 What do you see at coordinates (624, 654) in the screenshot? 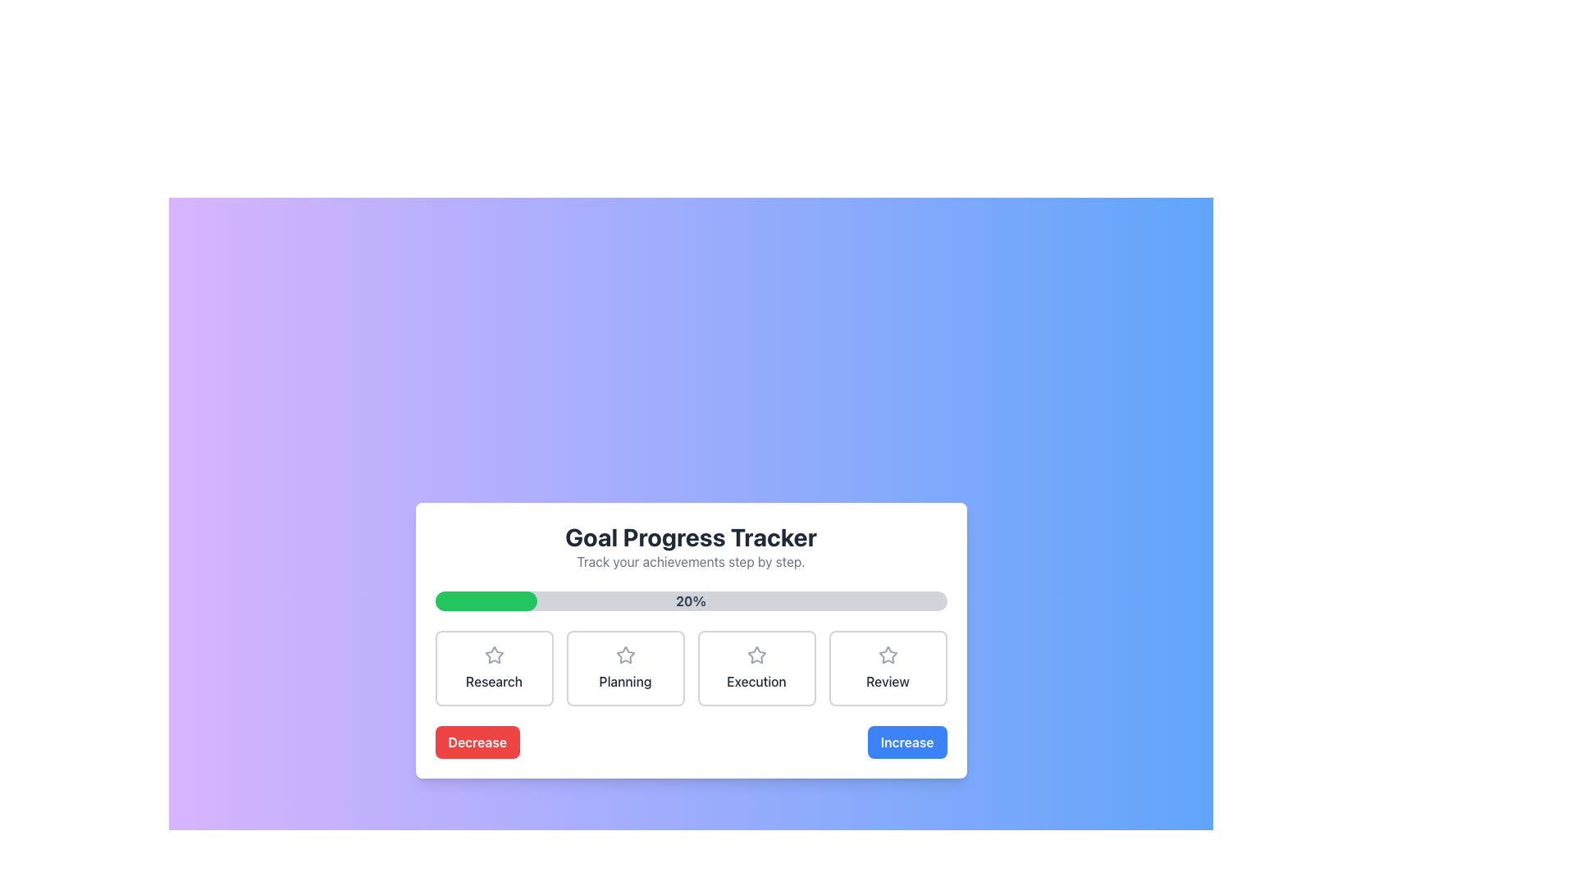
I see `the star-shaped icon, styled in gray and located above the 'Planning' label, to check if it changes state upon interaction` at bounding box center [624, 654].